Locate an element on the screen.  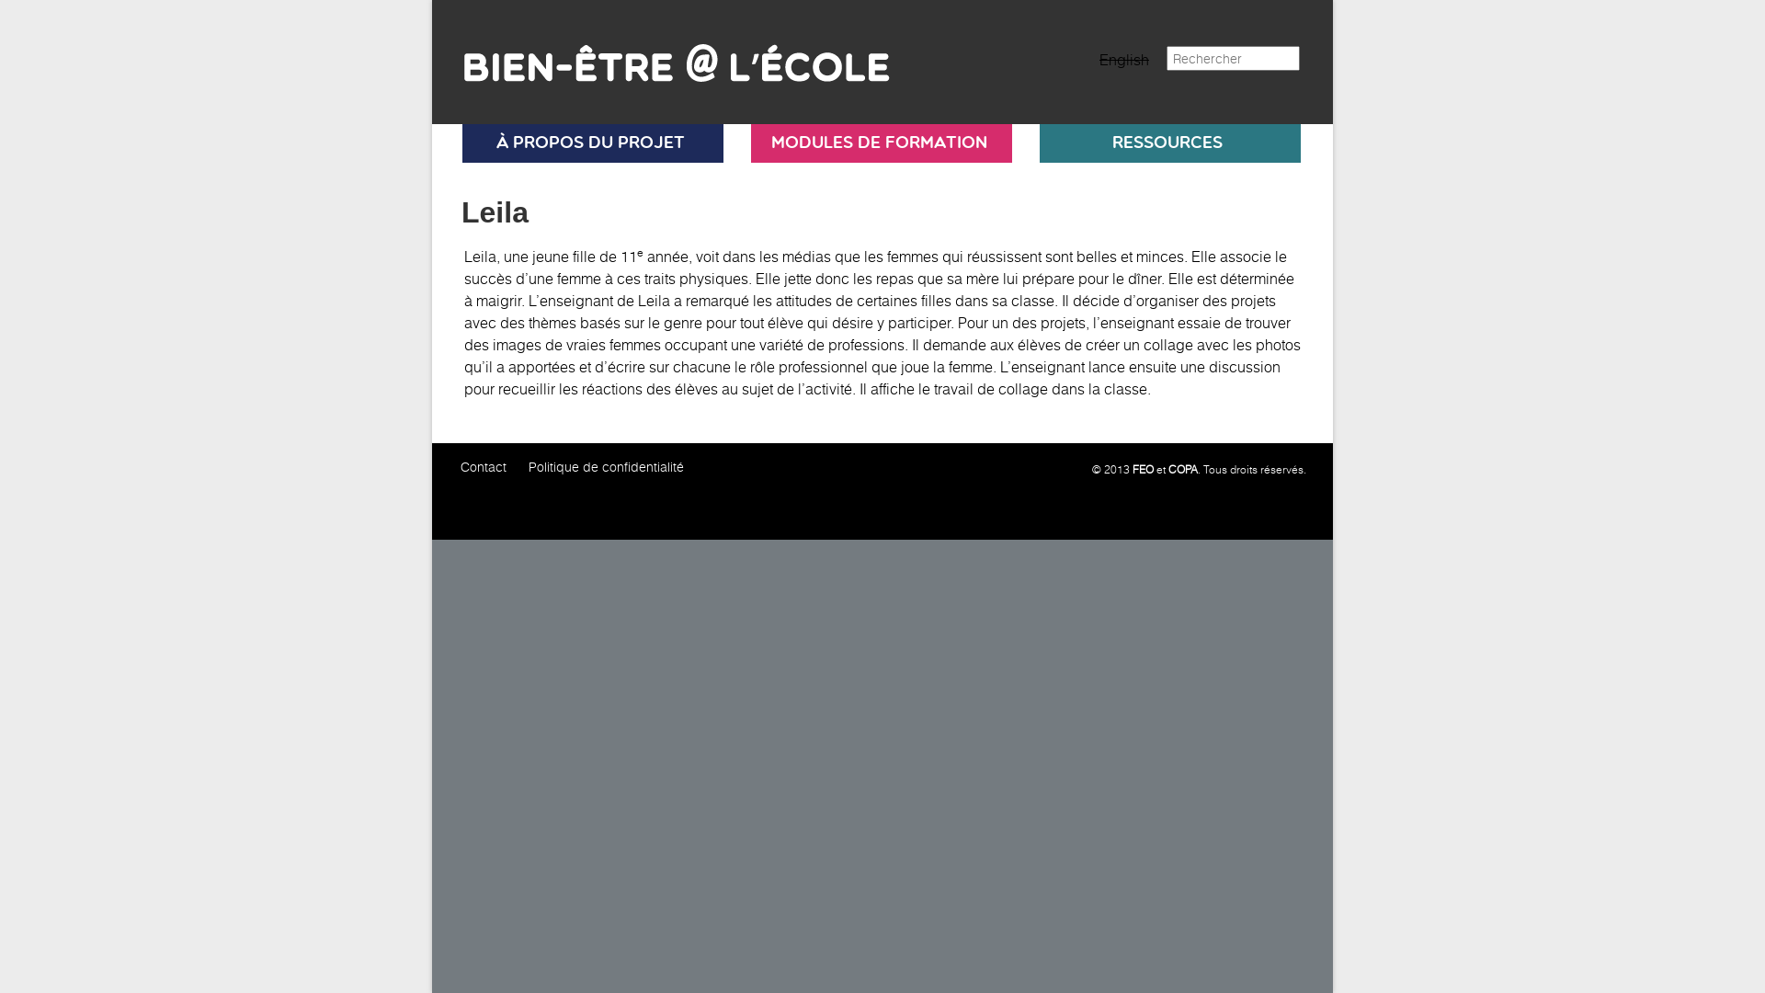
'Ressources' is located at coordinates (1167, 142).